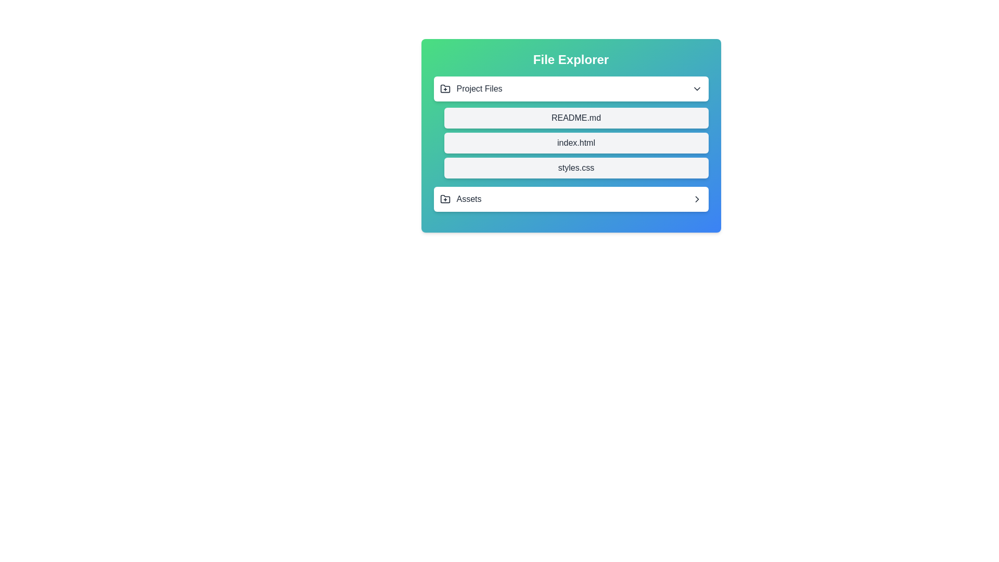 The height and width of the screenshot is (562, 999). Describe the element at coordinates (570, 88) in the screenshot. I see `the 'Project Files' folder item, which has a light background, a bold label, a folder icon on the left, and a downward arrow on the right` at that location.